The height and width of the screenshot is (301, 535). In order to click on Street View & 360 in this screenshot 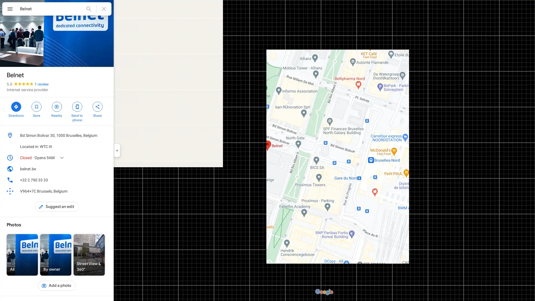, I will do `click(89, 255)`.